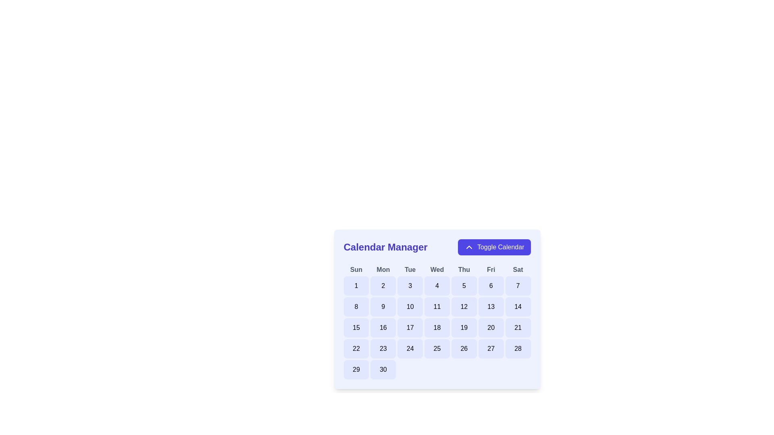 The width and height of the screenshot is (774, 435). What do you see at coordinates (410, 270) in the screenshot?
I see `the text label displaying 'Tue', which is styled in bold grayish color and positioned in the header row of the calendar grid, between 'Mon' and 'Wed'` at bounding box center [410, 270].